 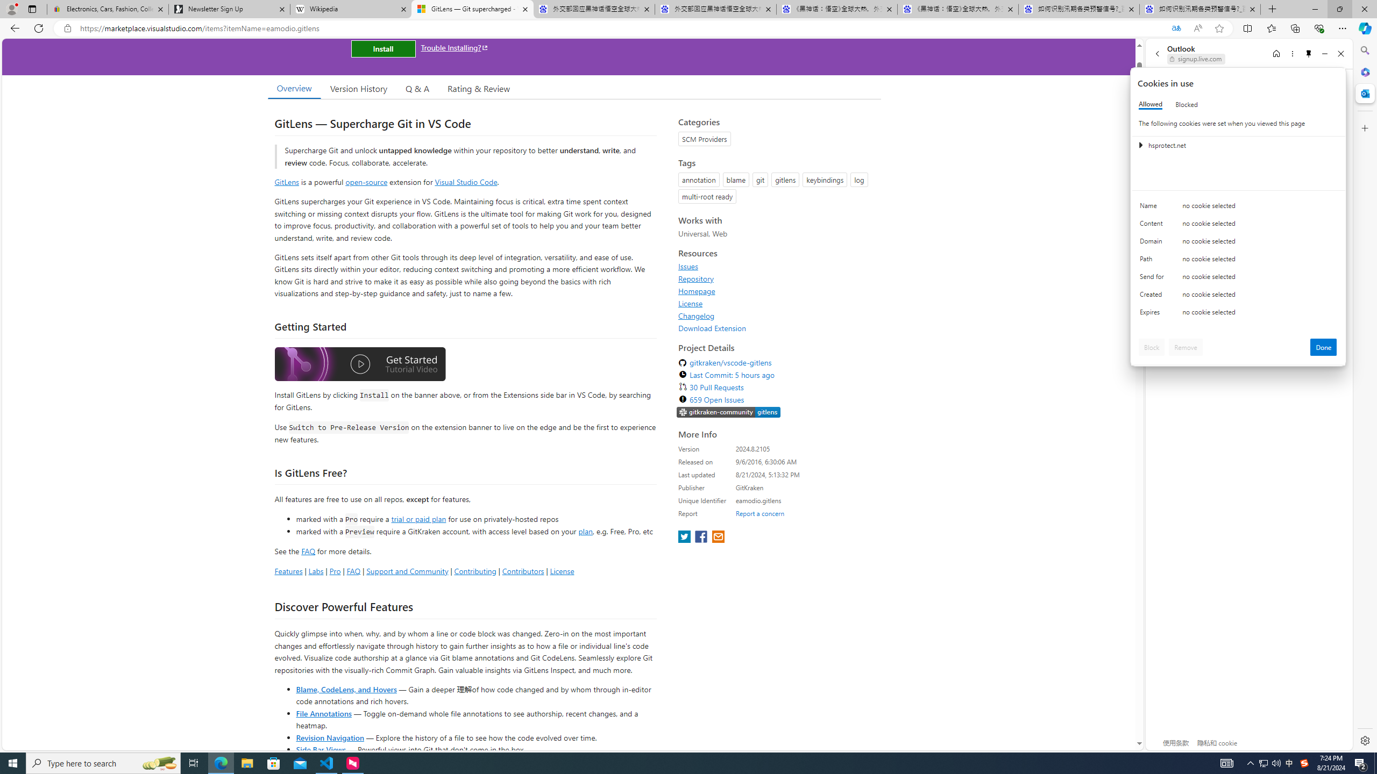 I want to click on 'Issues', so click(x=688, y=266).